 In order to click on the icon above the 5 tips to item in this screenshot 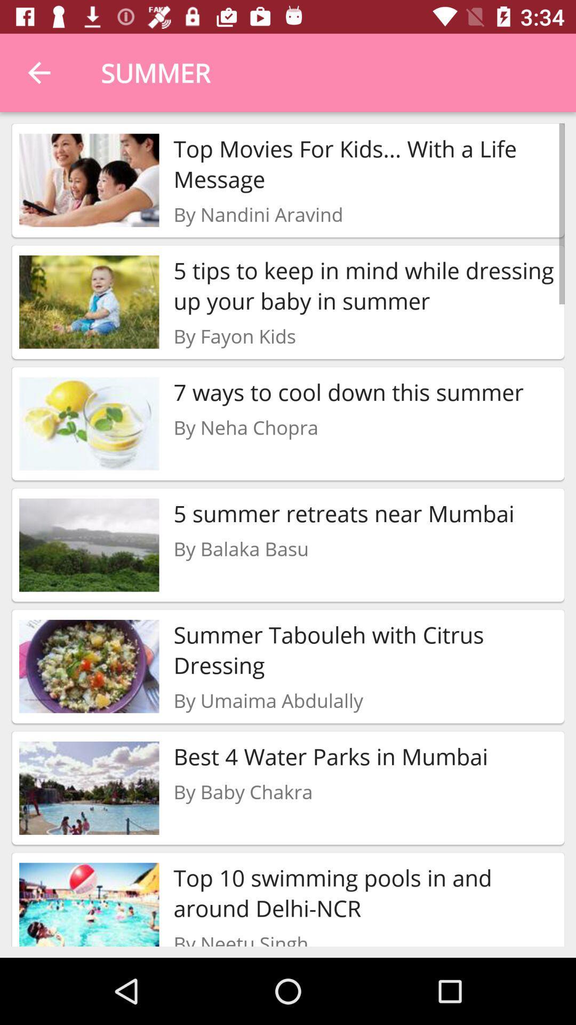, I will do `click(258, 214)`.